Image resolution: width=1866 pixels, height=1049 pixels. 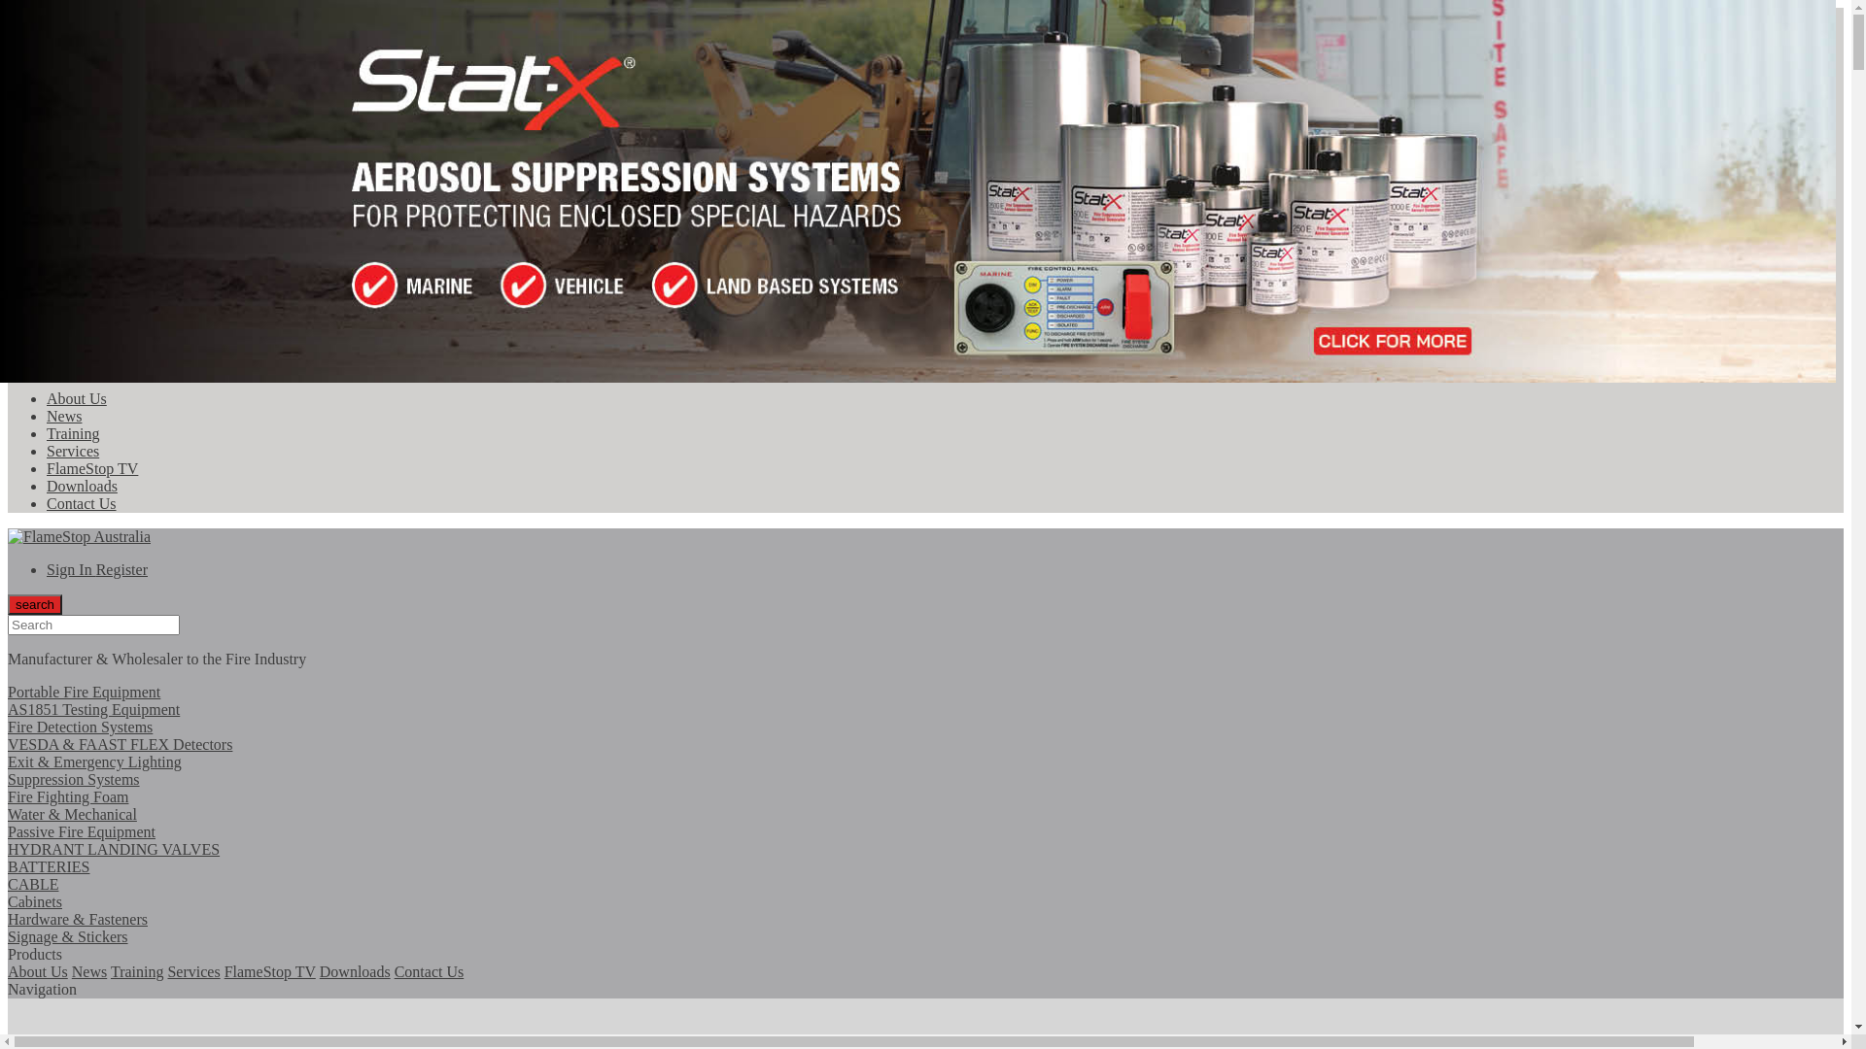 What do you see at coordinates (78, 536) in the screenshot?
I see `'FlameStop Australia'` at bounding box center [78, 536].